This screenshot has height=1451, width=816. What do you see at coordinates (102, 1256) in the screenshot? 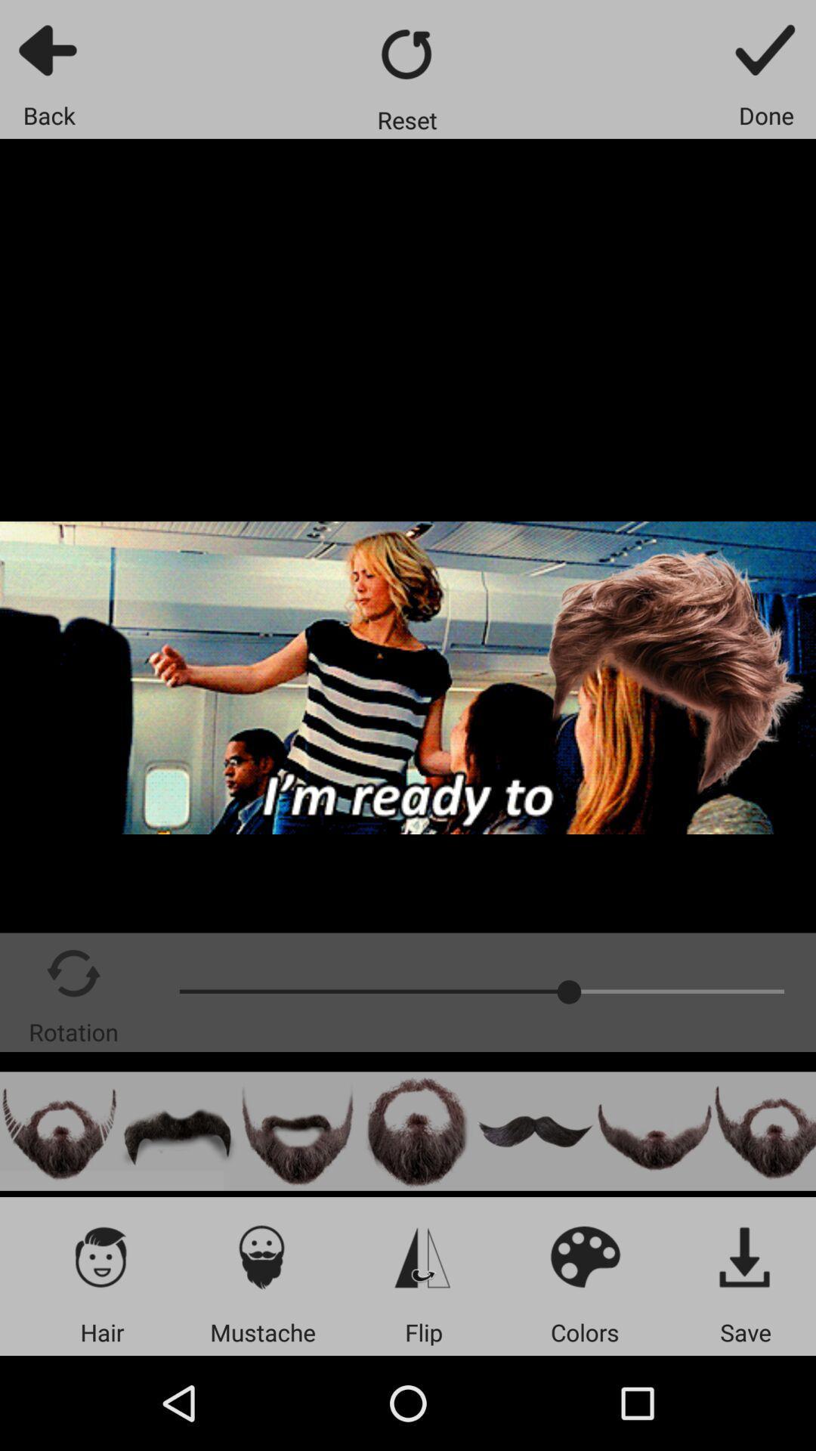
I see `edit hair icon` at bounding box center [102, 1256].